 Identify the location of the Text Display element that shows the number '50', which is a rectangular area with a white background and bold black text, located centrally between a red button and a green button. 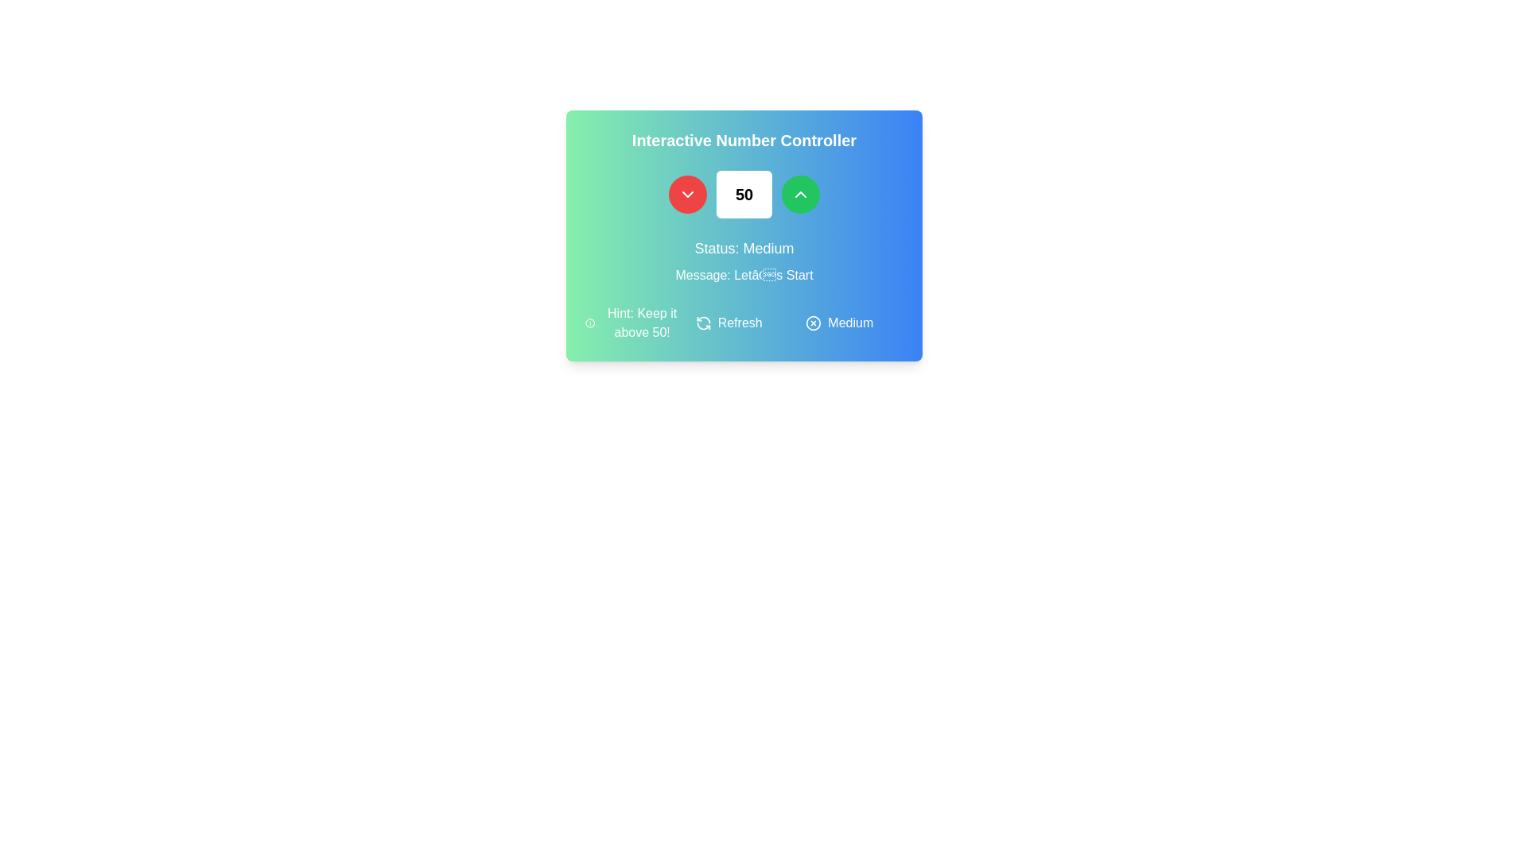
(744, 194).